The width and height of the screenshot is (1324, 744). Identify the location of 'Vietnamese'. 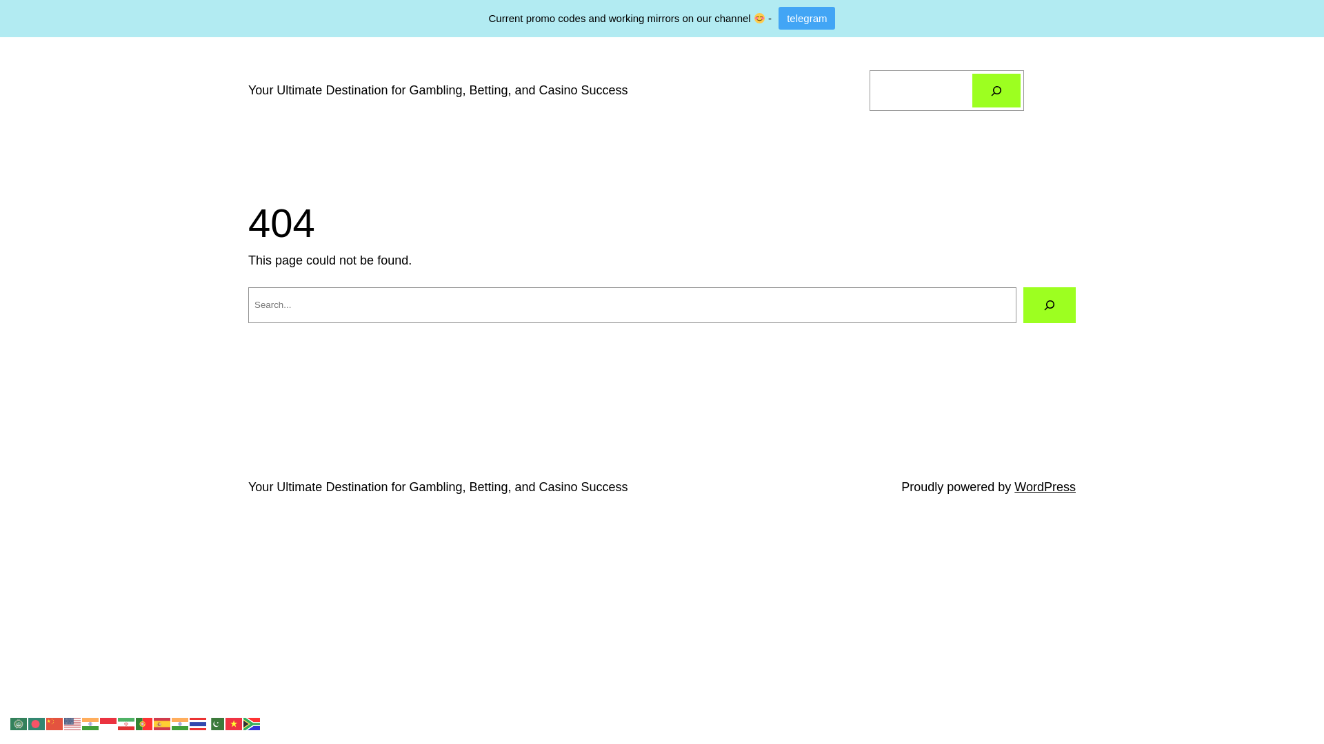
(225, 722).